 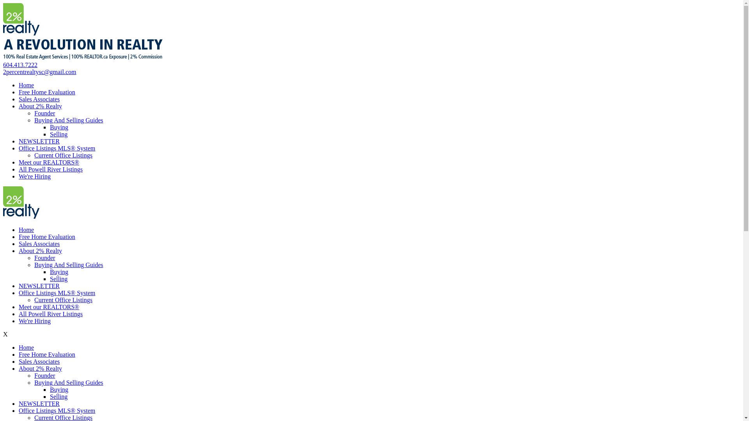 I want to click on 'About 2% Realty', so click(x=40, y=368).